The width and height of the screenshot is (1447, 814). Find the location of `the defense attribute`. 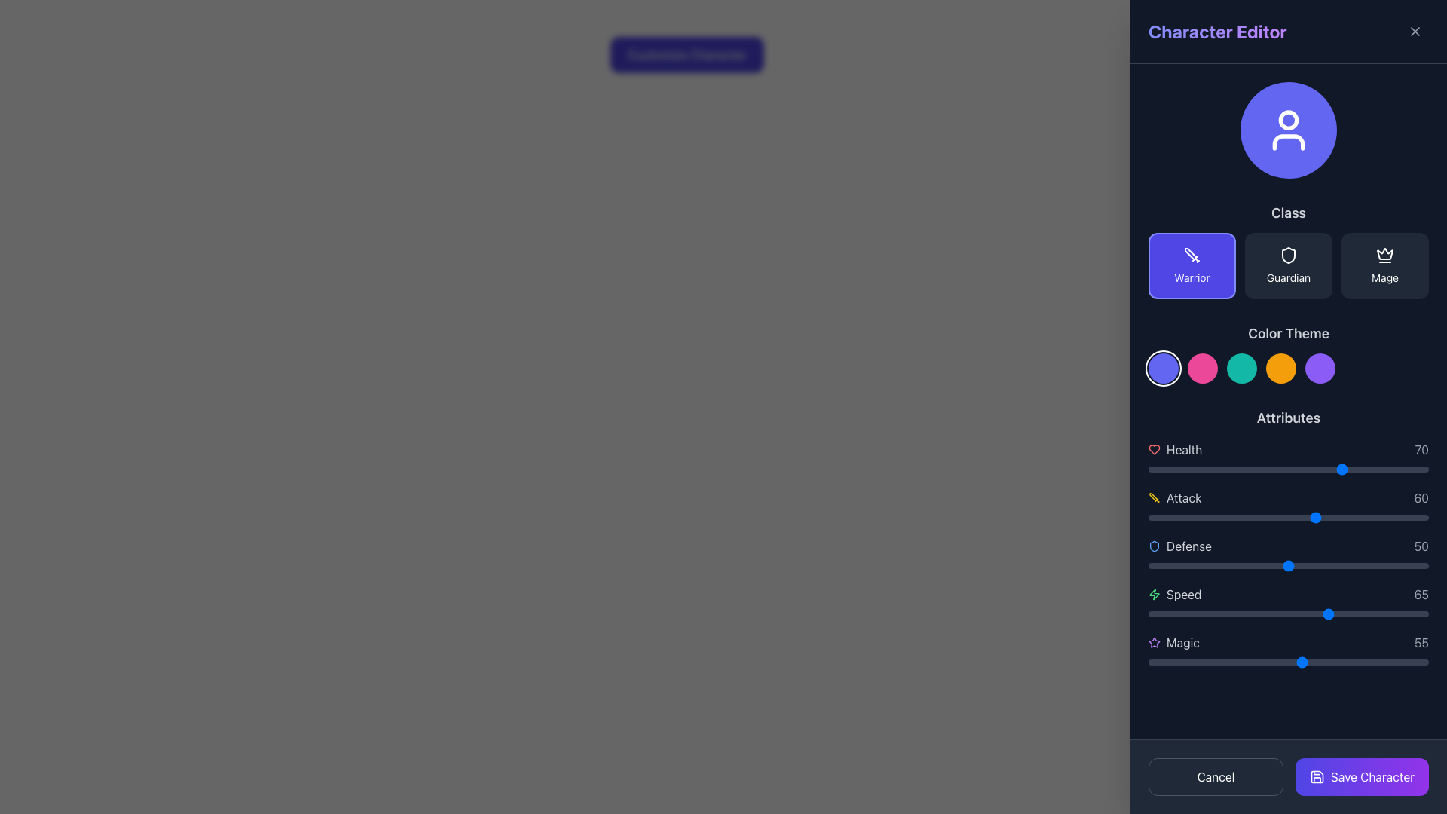

the defense attribute is located at coordinates (1406, 566).